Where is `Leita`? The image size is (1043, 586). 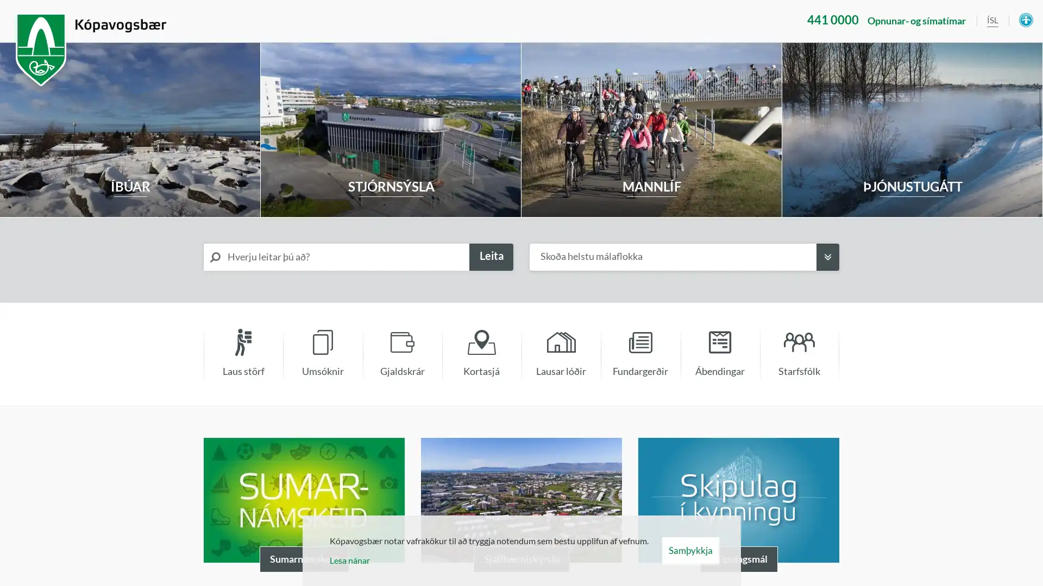 Leita is located at coordinates (491, 257).